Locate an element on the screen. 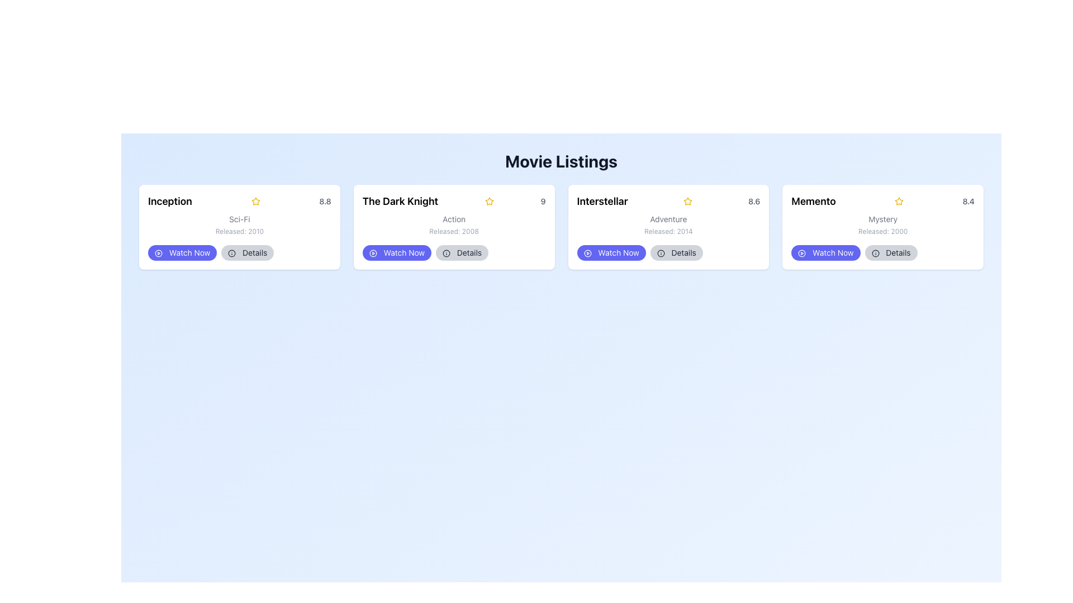 The width and height of the screenshot is (1073, 603). the information icon within the 'Details' button for the movie 'Memento', which is the fourth movie card in the interface is located at coordinates (875, 253).